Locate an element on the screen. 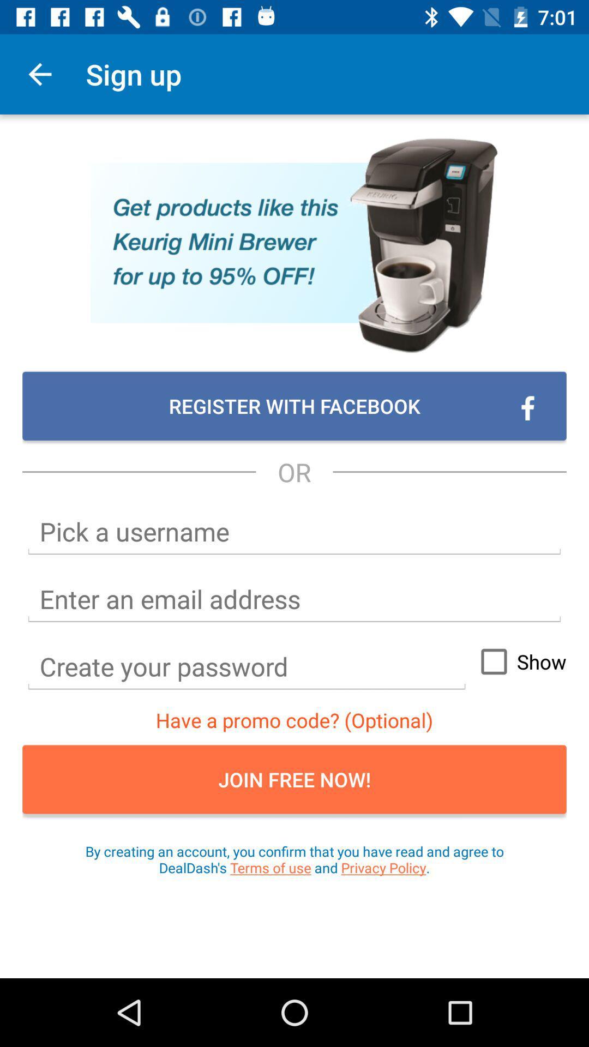  show is located at coordinates (518, 661).